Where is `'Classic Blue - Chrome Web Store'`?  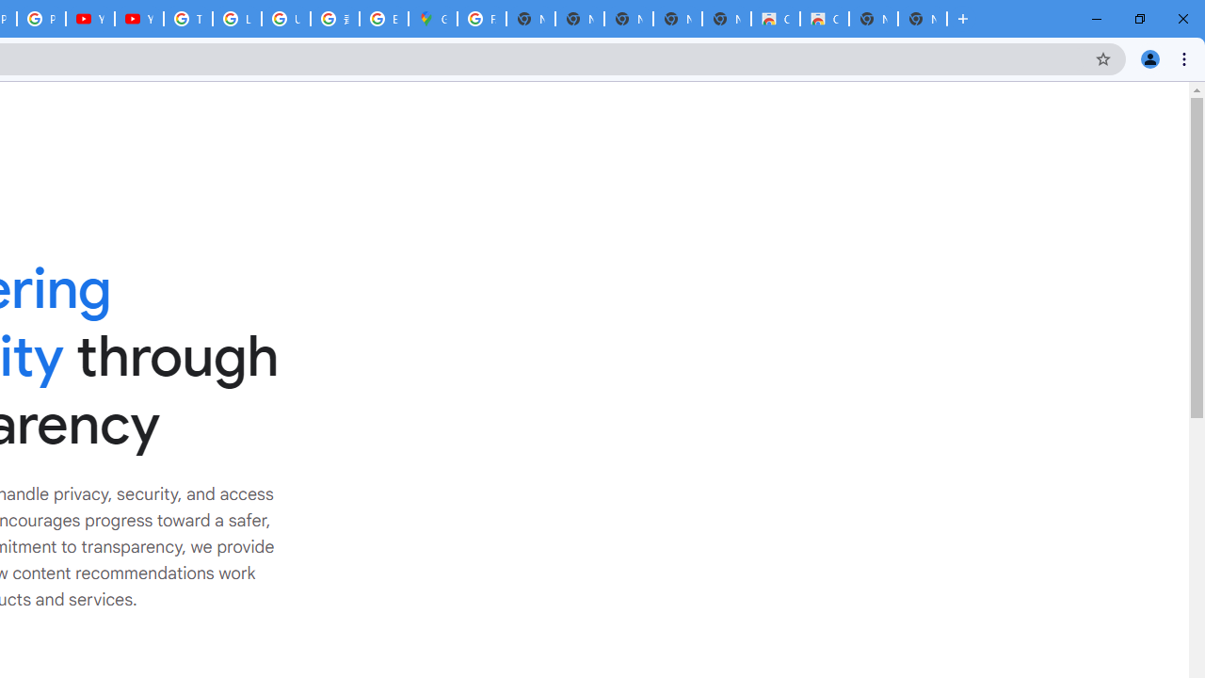 'Classic Blue - Chrome Web Store' is located at coordinates (775, 19).